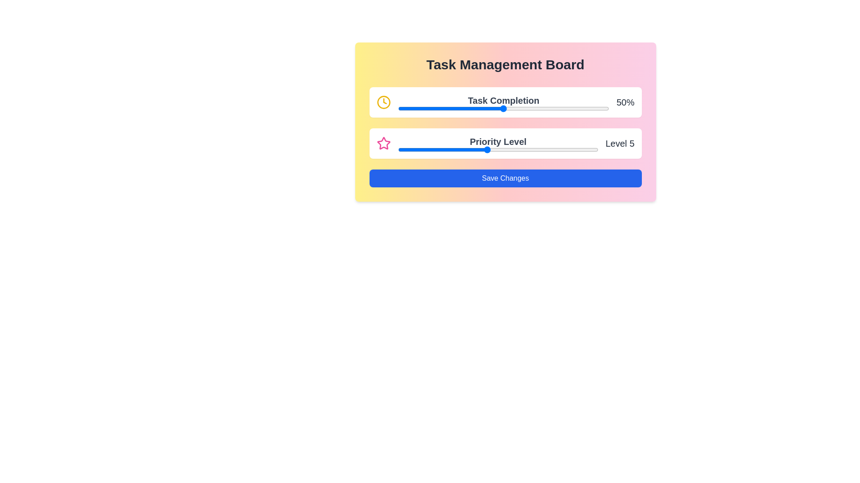 This screenshot has width=860, height=483. I want to click on the priority level, so click(464, 149).